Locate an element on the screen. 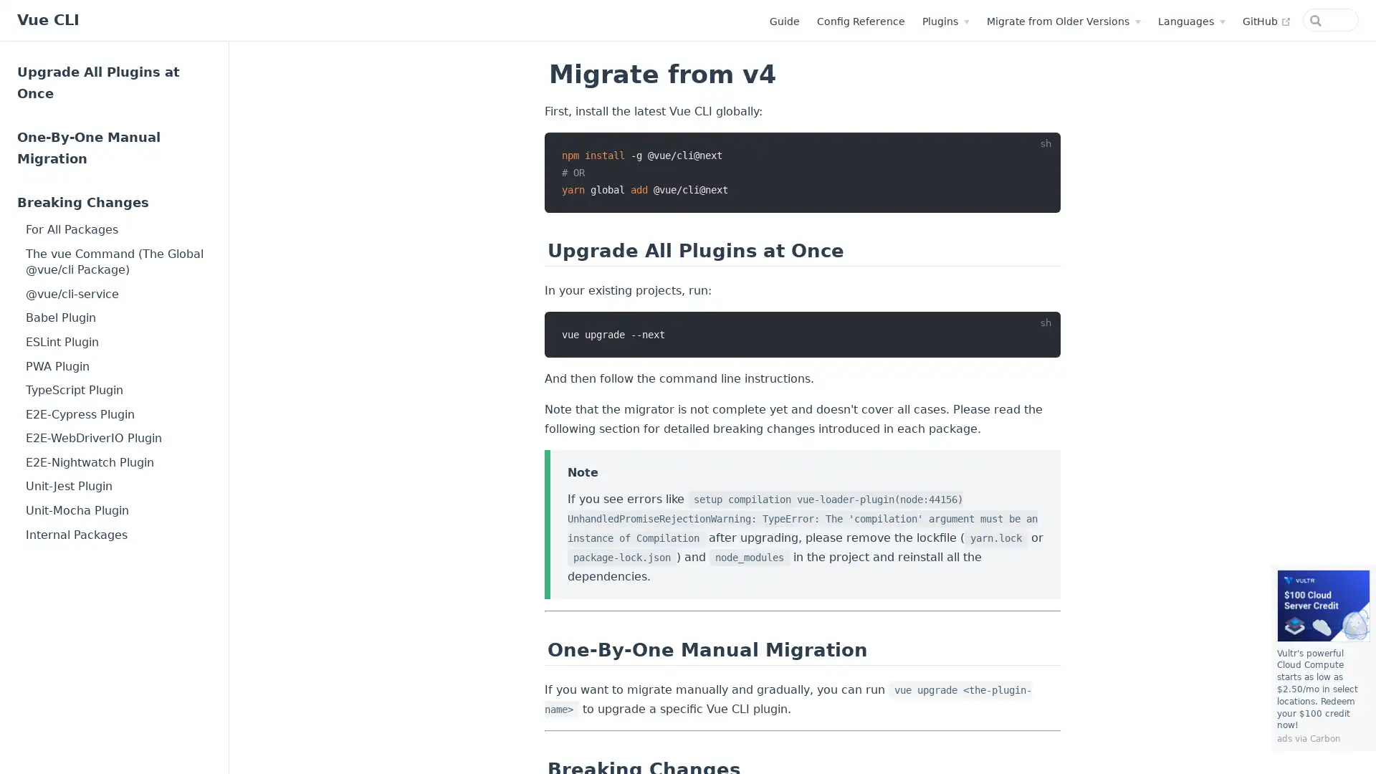 The width and height of the screenshot is (1376, 774). Languages is located at coordinates (1132, 21).